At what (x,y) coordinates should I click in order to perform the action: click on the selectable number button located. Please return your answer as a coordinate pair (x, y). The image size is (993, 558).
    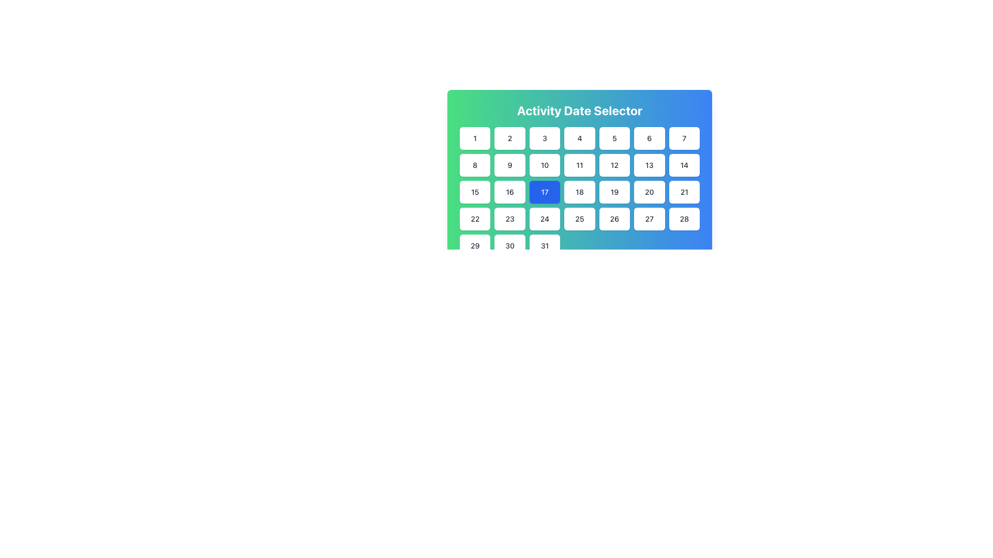
    Looking at the image, I should click on (510, 165).